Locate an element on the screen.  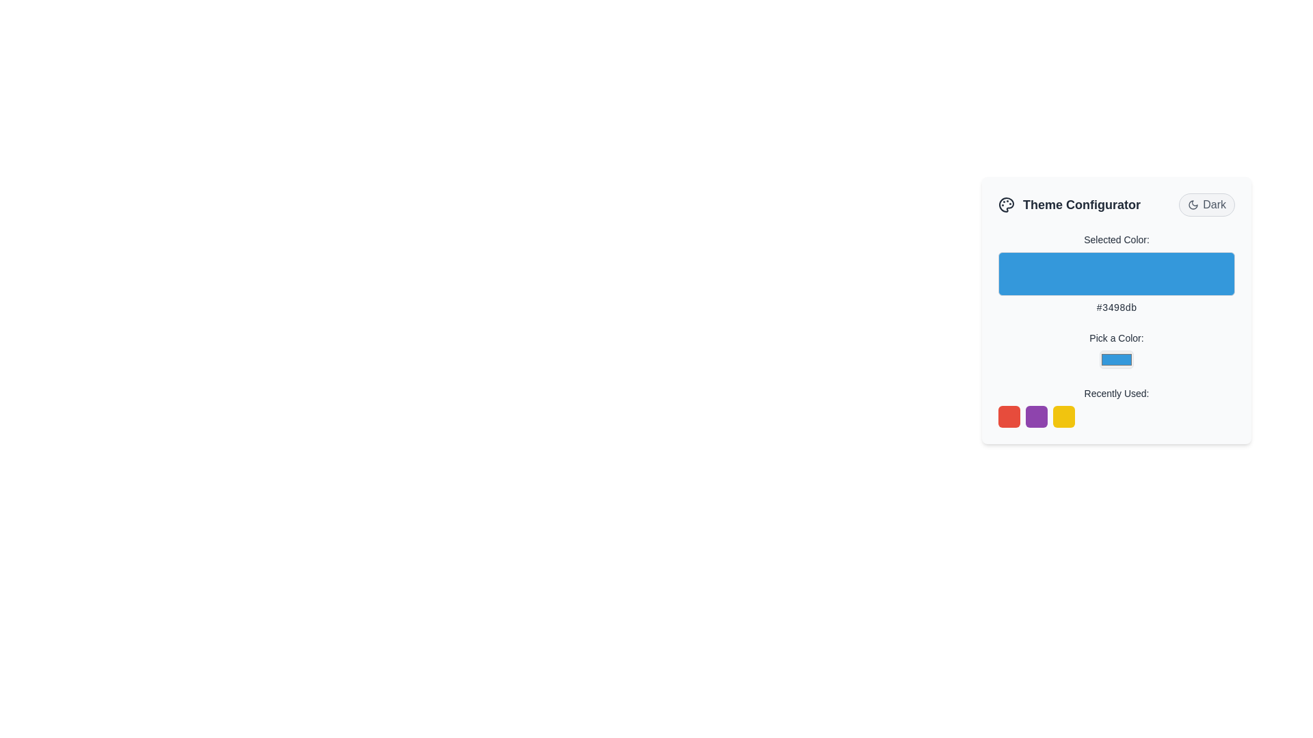
the text label displaying 'Theme Configurator', which is prominently positioned in the upper section of the interface, next to a 'Dark' toggle button and an icon resembling a palette is located at coordinates (1081, 205).